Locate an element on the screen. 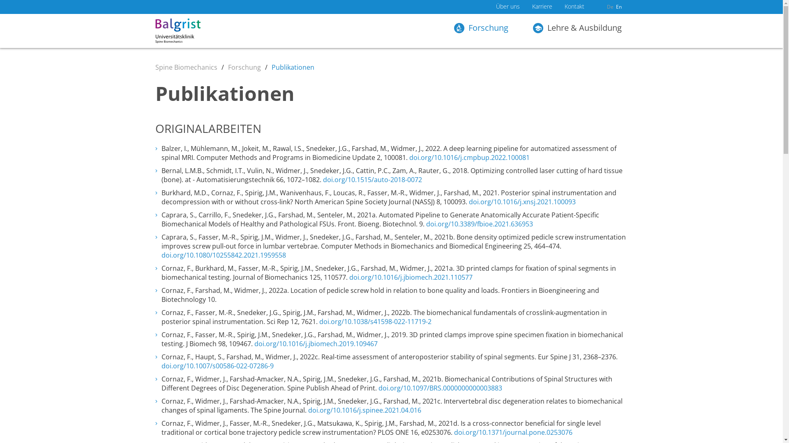 This screenshot has height=443, width=789. 'doi.org/10.1016/j.jbiomech.2021.110577' is located at coordinates (411, 277).